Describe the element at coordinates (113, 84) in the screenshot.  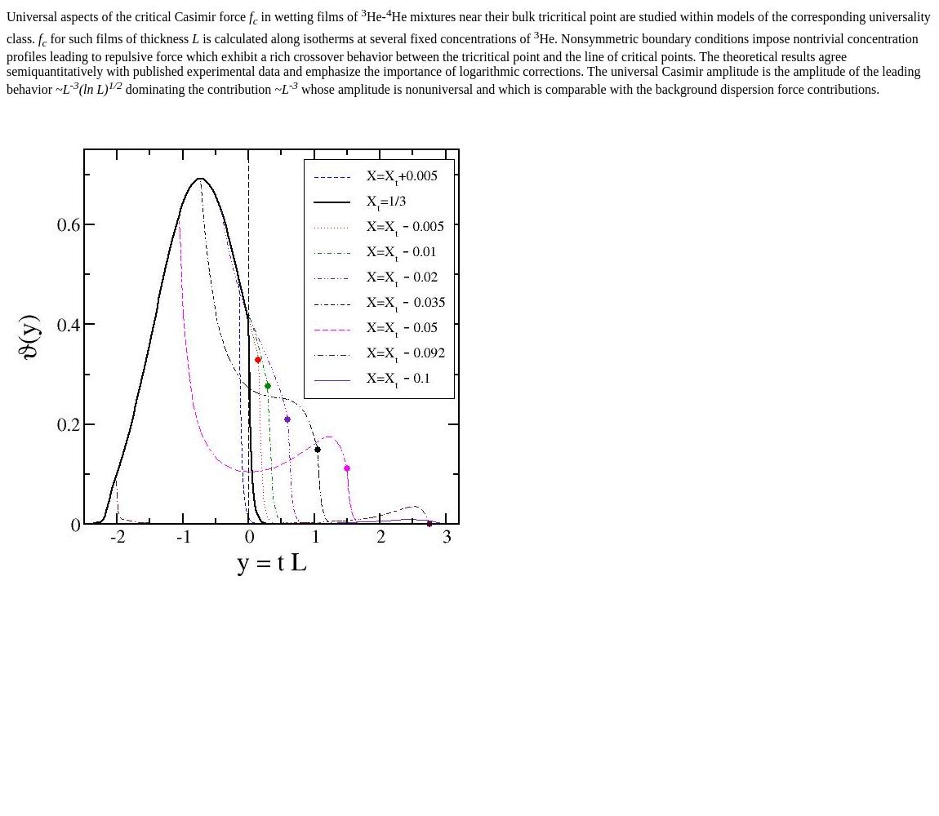
I see `'1/2'` at that location.